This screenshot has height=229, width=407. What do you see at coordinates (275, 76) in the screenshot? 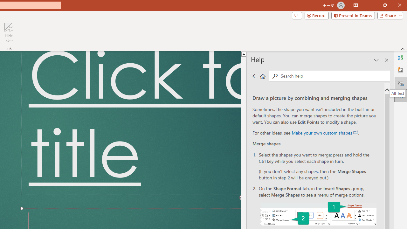
I see `'Search'` at bounding box center [275, 76].